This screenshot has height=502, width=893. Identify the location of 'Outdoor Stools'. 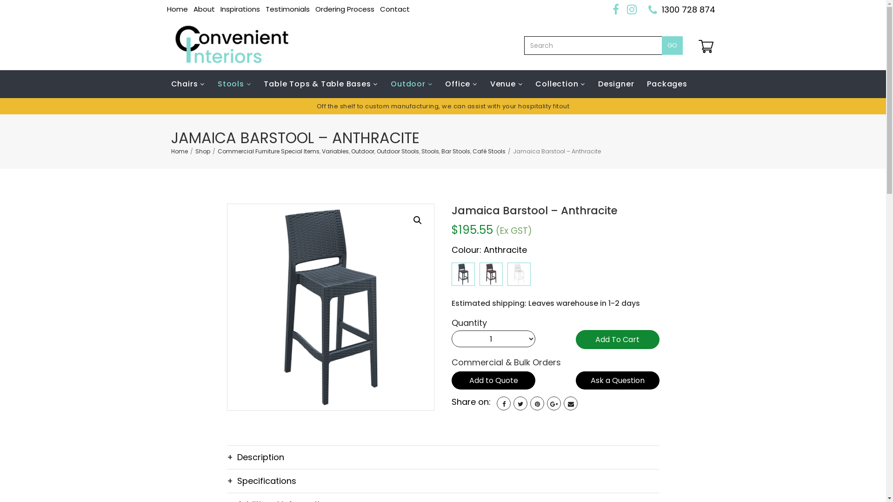
(398, 151).